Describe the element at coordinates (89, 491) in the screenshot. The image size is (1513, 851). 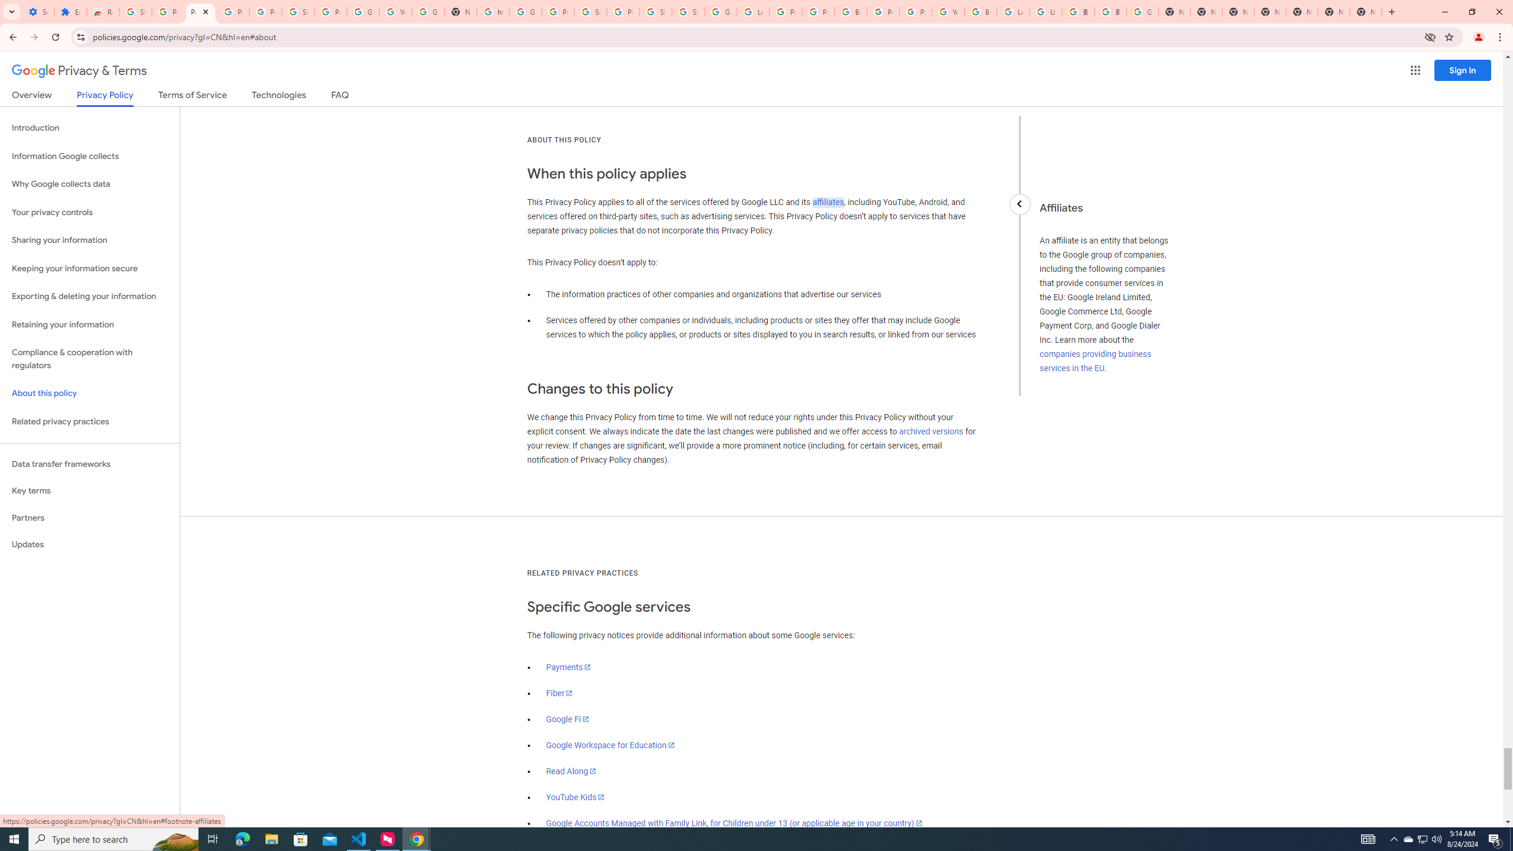
I see `'Key terms'` at that location.